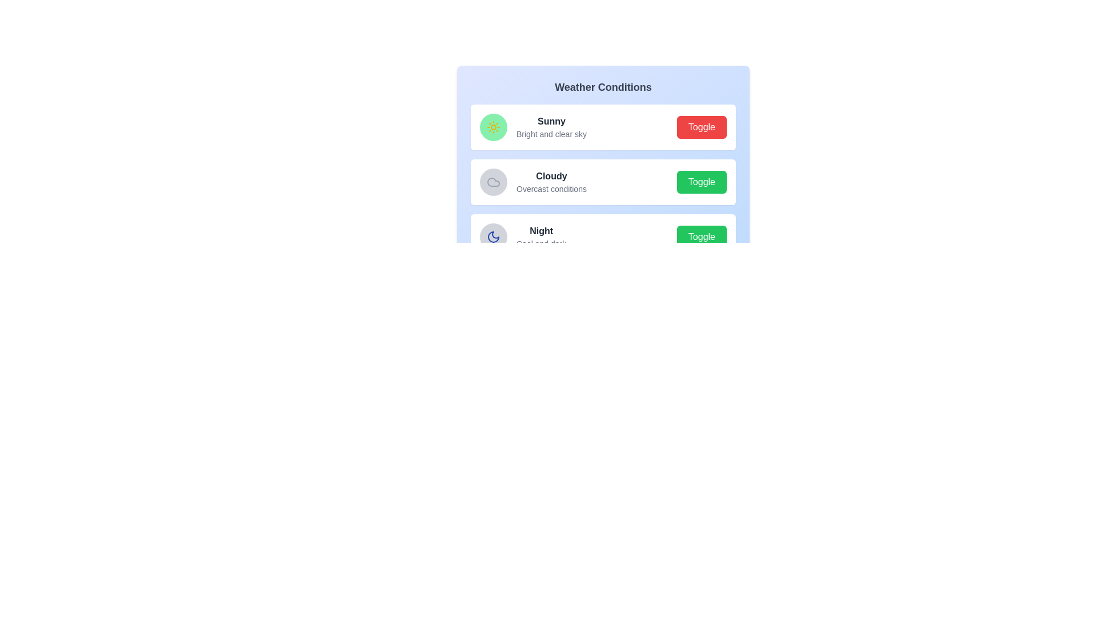 The image size is (1097, 617). Describe the element at coordinates (701, 237) in the screenshot. I see `the toggle button for the weather state Night` at that location.